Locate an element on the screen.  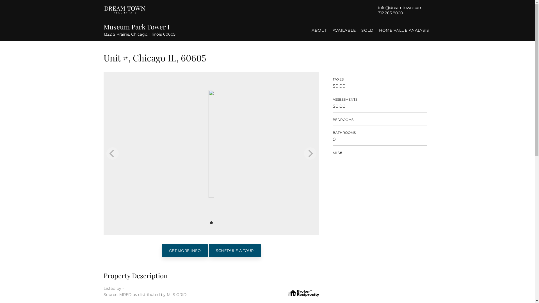
'SOLD' is located at coordinates (367, 30).